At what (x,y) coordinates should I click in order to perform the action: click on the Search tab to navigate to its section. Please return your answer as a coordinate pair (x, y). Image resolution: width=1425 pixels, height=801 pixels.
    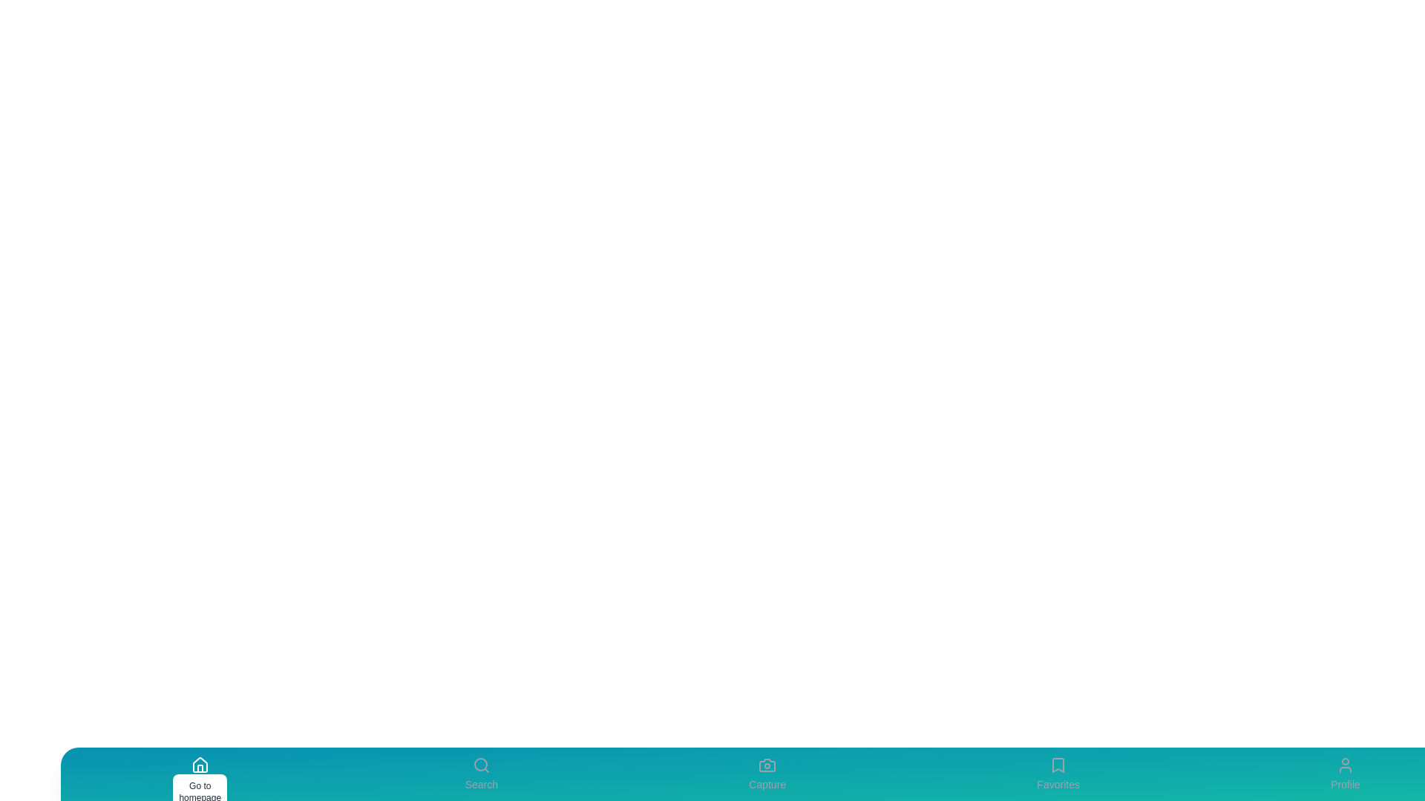
    Looking at the image, I should click on (481, 774).